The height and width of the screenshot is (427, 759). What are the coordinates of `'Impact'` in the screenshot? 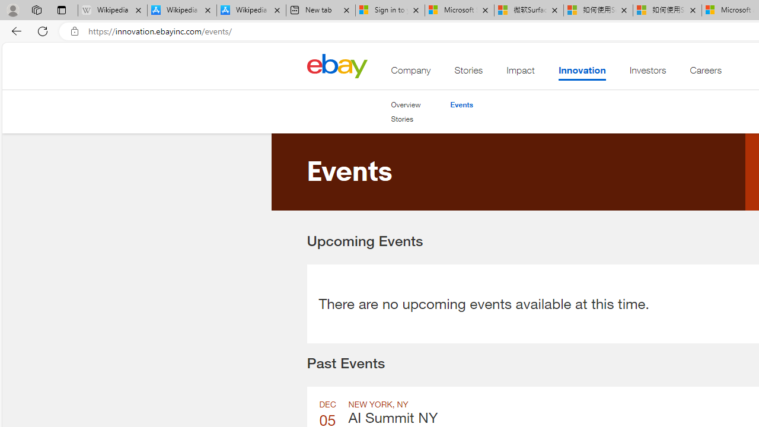 It's located at (521, 73).